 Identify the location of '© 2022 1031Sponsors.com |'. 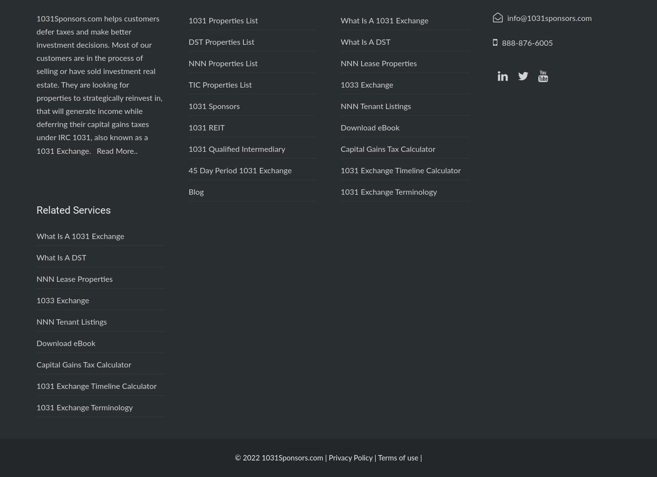
(234, 458).